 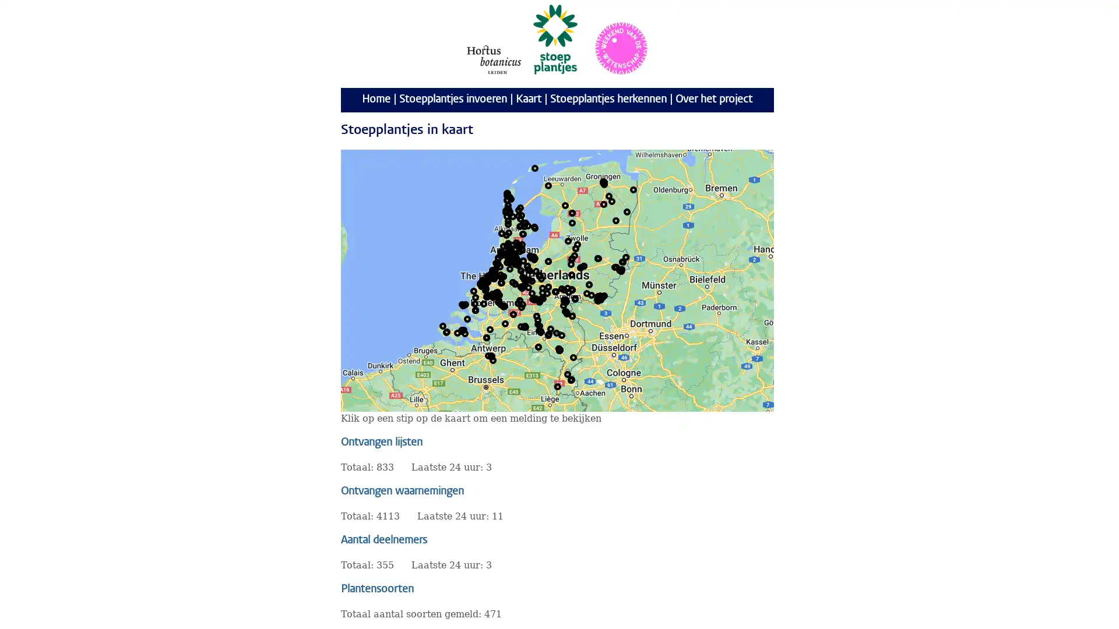 What do you see at coordinates (540, 330) in the screenshot?
I see `Telling van IVN Best op 16 februari 2022` at bounding box center [540, 330].